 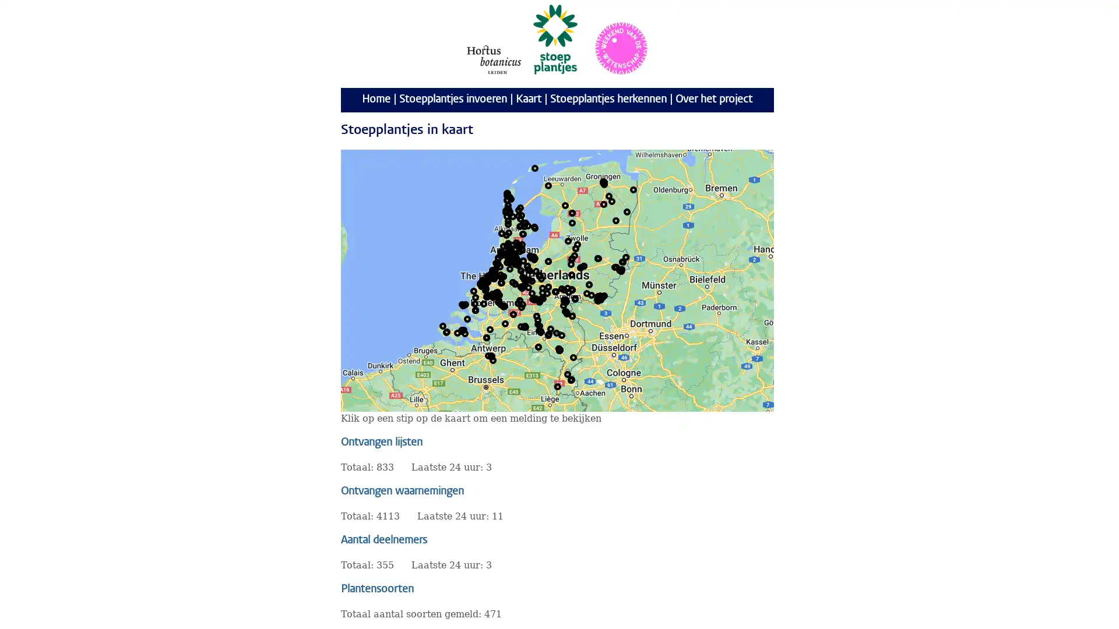 What do you see at coordinates (540, 330) in the screenshot?
I see `Telling van IVN Best op 16 februari 2022` at bounding box center [540, 330].